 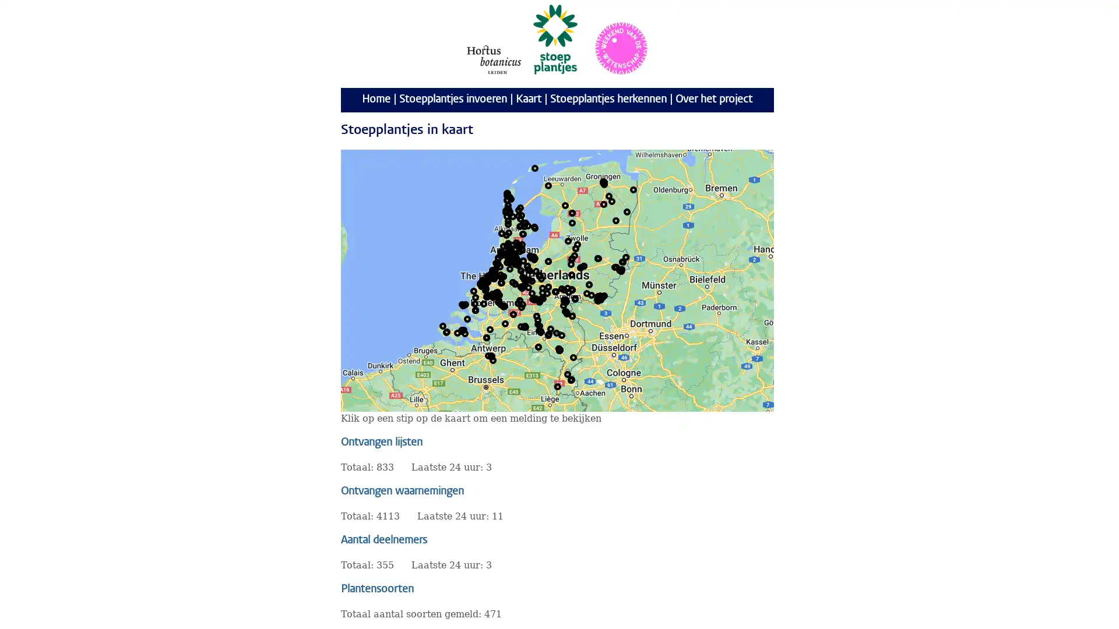 What do you see at coordinates (540, 330) in the screenshot?
I see `Telling van IVN Best op 16 februari 2022` at bounding box center [540, 330].